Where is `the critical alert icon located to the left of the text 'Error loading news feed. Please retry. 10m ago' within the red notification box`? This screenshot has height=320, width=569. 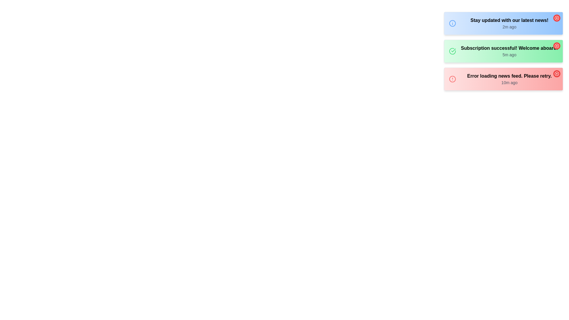
the critical alert icon located to the left of the text 'Error loading news feed. Please retry. 10m ago' within the red notification box is located at coordinates (452, 79).